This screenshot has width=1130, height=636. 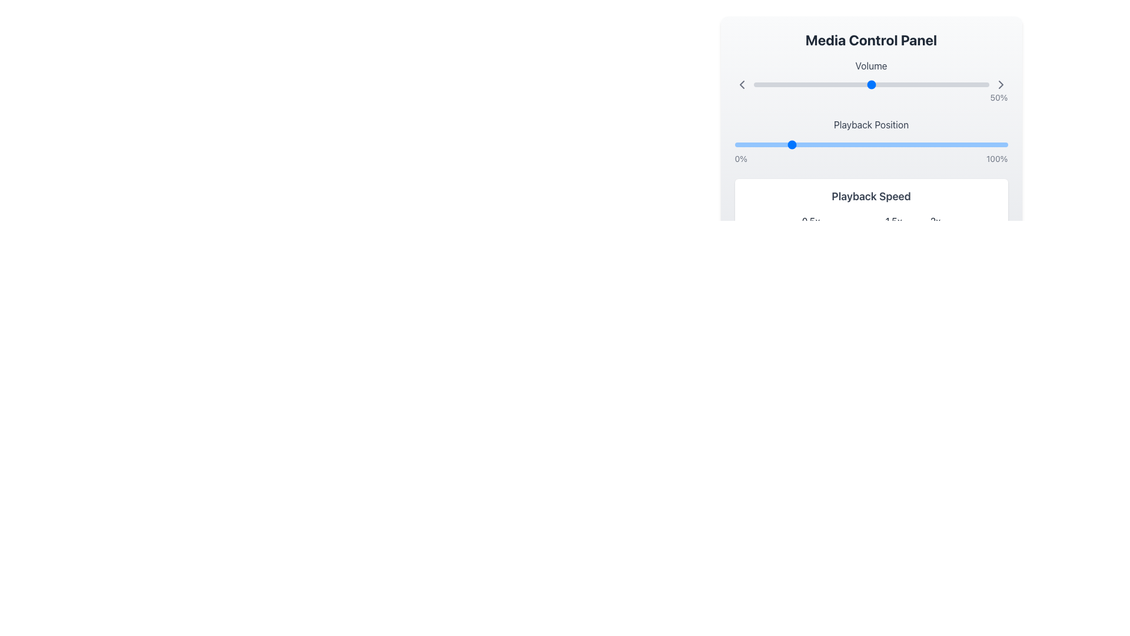 I want to click on the second playback speed button labeled '1x' in the Media Control Panel, so click(x=853, y=221).